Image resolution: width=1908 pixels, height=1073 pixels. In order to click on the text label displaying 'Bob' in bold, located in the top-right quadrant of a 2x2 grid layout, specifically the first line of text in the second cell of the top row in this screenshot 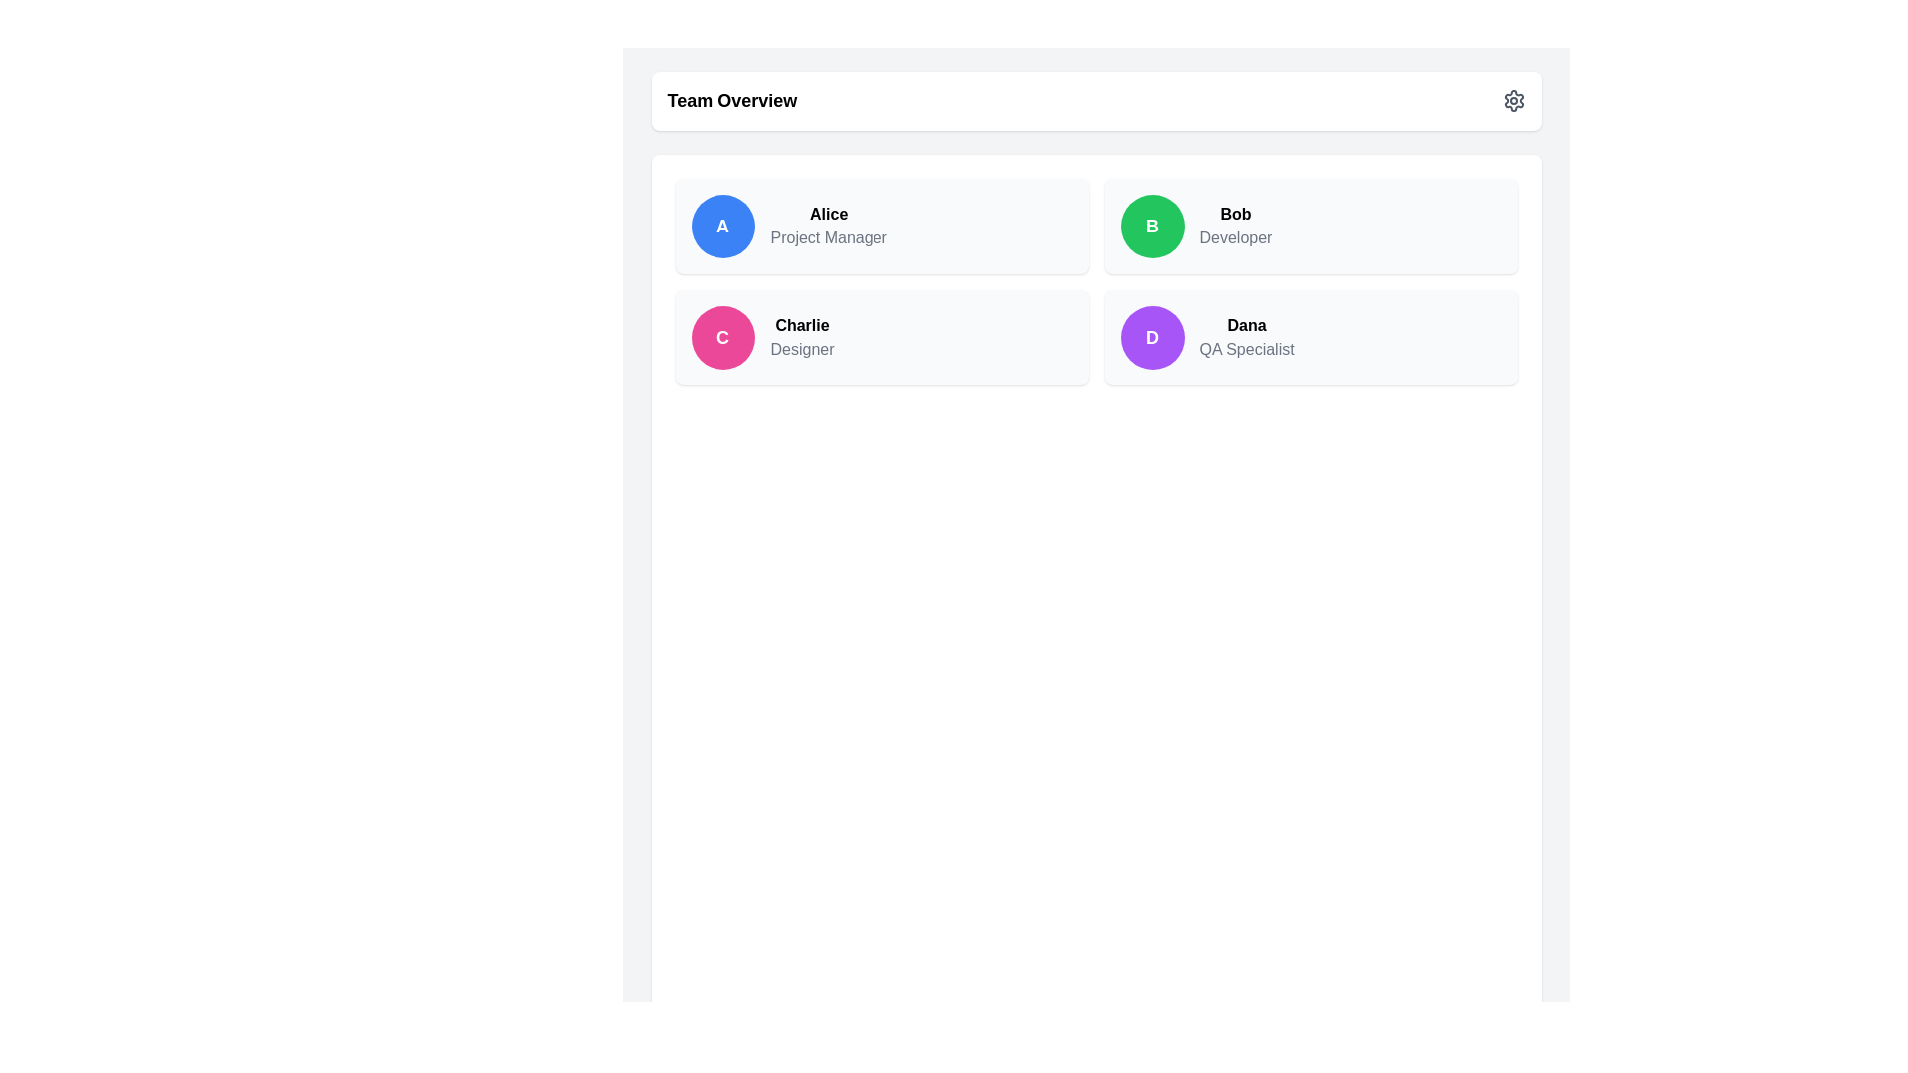, I will do `click(1234, 215)`.